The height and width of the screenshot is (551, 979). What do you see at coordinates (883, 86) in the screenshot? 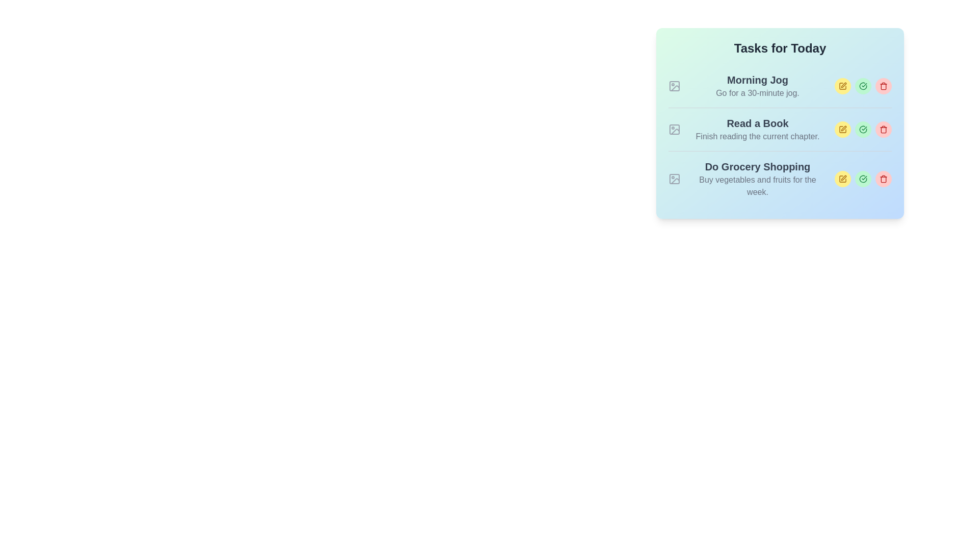
I see `the interactive delete button with an icon located in the rightmost position of the three circular buttons in the row for the 'Morning Jog' task in the 'Tasks for Today' list` at bounding box center [883, 86].